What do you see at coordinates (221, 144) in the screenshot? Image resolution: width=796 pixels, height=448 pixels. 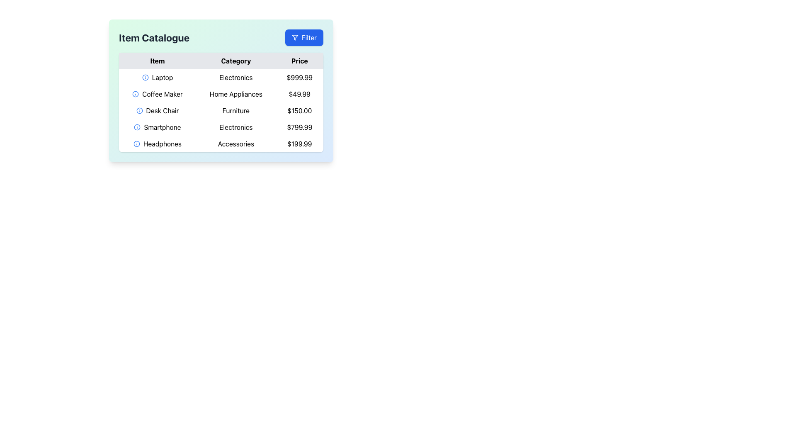 I see `the fifth row of the 'Item Catalogue' table` at bounding box center [221, 144].